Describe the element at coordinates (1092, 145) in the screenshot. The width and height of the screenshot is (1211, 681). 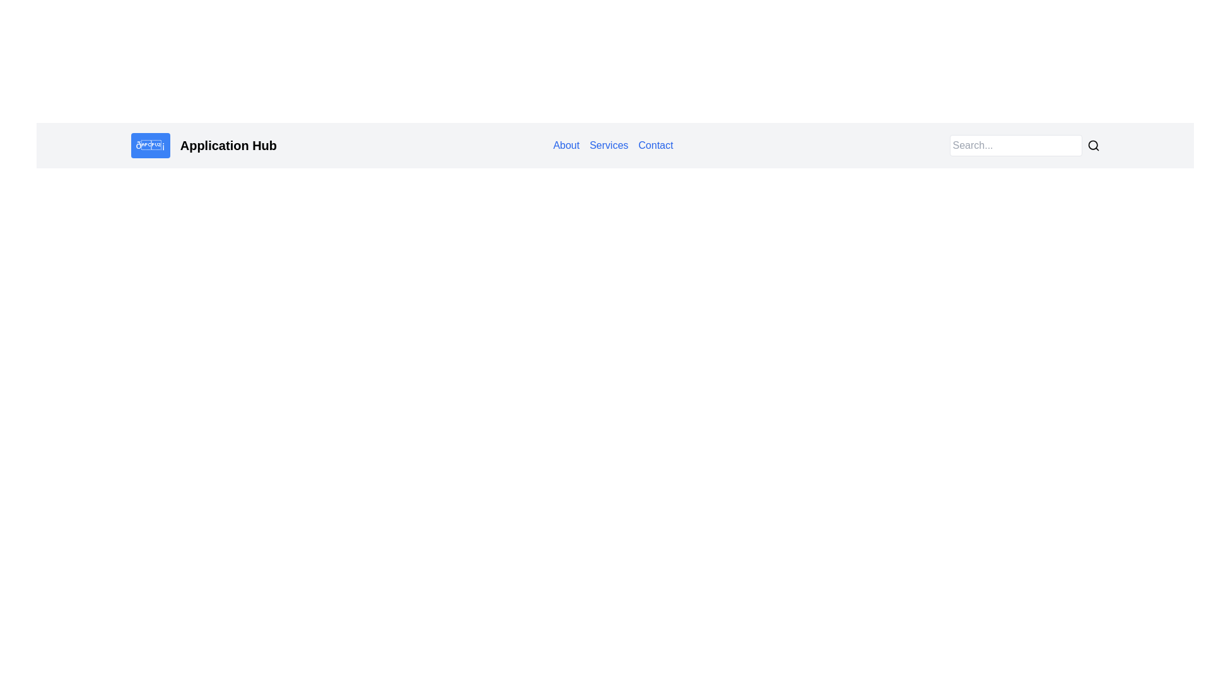
I see `the search icon located in the top-right corner of the navigation bar` at that location.